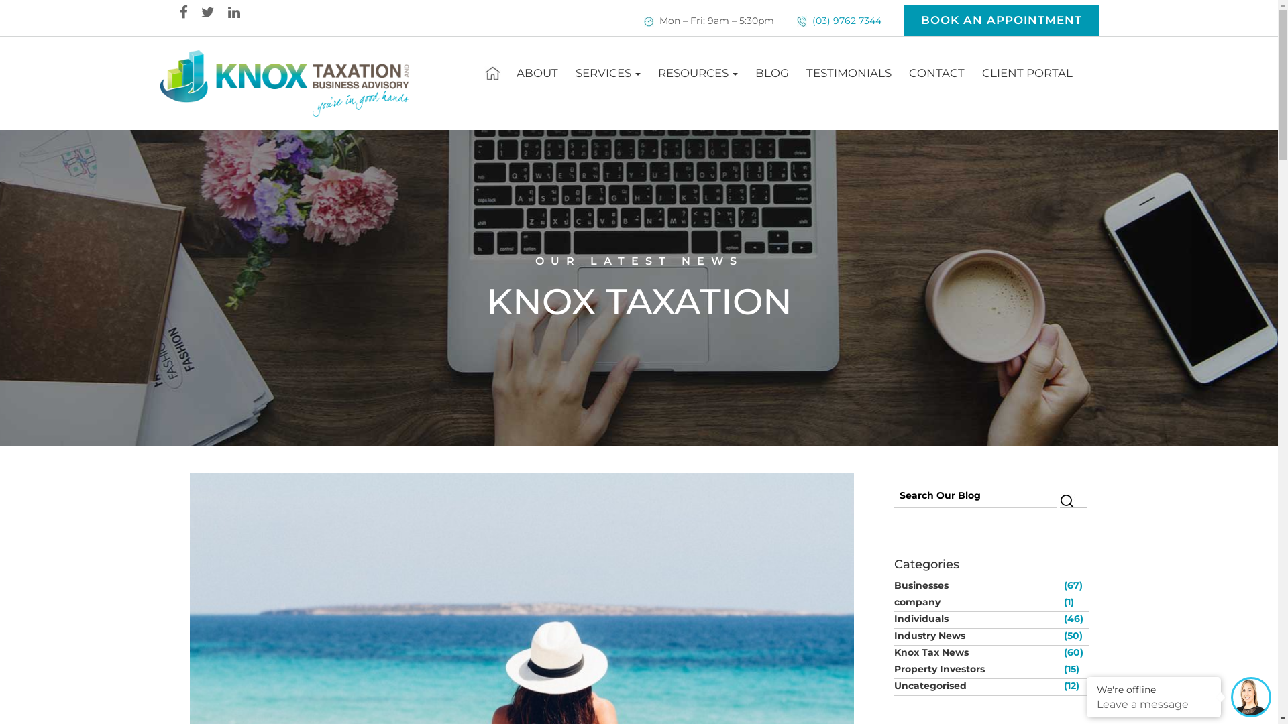  I want to click on 'RESOURCES', so click(698, 72).